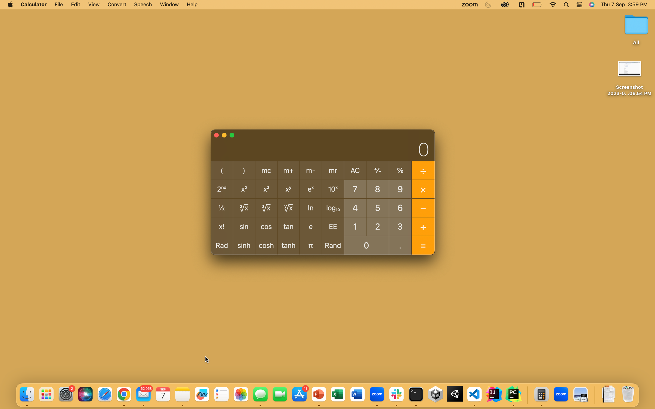 The width and height of the screenshot is (655, 409). I want to click on Perform the action of taking away 5 from 10, so click(355, 226).